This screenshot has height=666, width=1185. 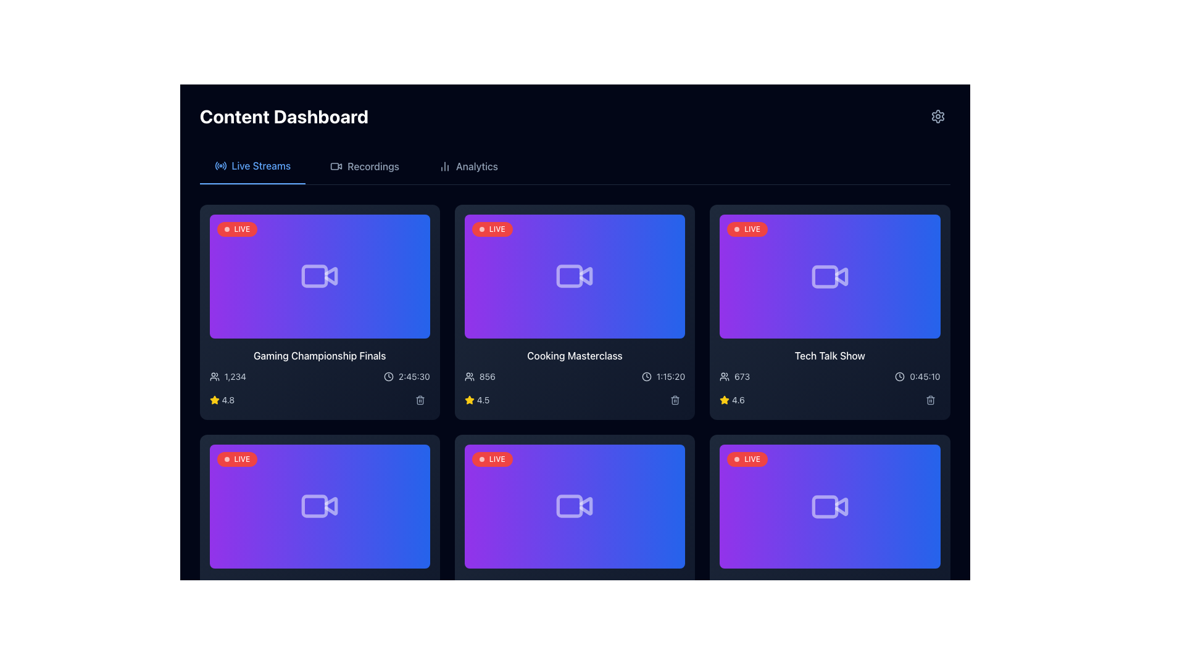 What do you see at coordinates (414, 376) in the screenshot?
I see `the text label displaying the time '2:45:30' located in the bottom-right corner of the first content card in the Live Streams section, adjacent to the clock icon` at bounding box center [414, 376].